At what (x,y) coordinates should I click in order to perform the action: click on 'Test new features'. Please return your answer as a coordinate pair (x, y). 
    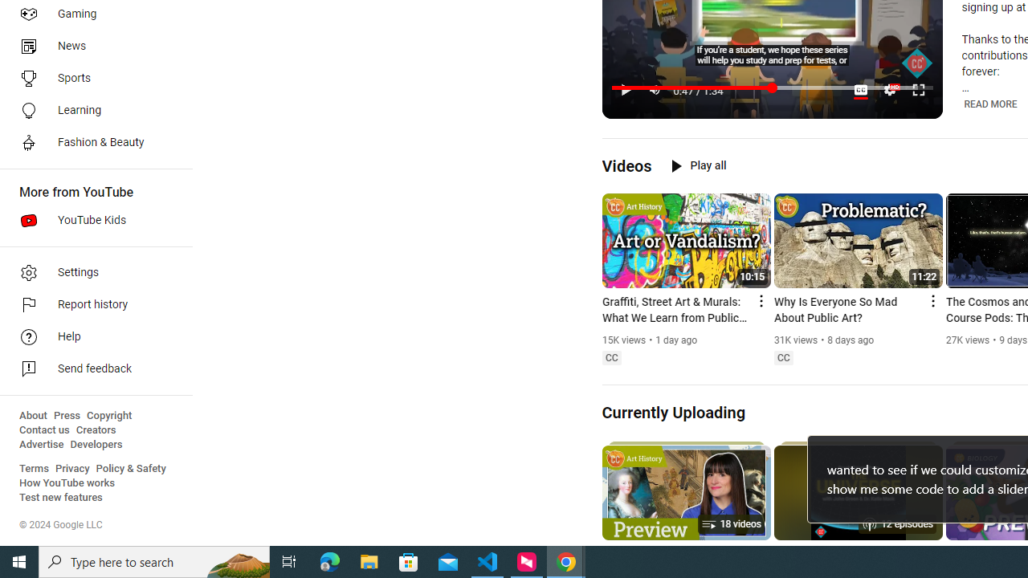
    Looking at the image, I should click on (61, 497).